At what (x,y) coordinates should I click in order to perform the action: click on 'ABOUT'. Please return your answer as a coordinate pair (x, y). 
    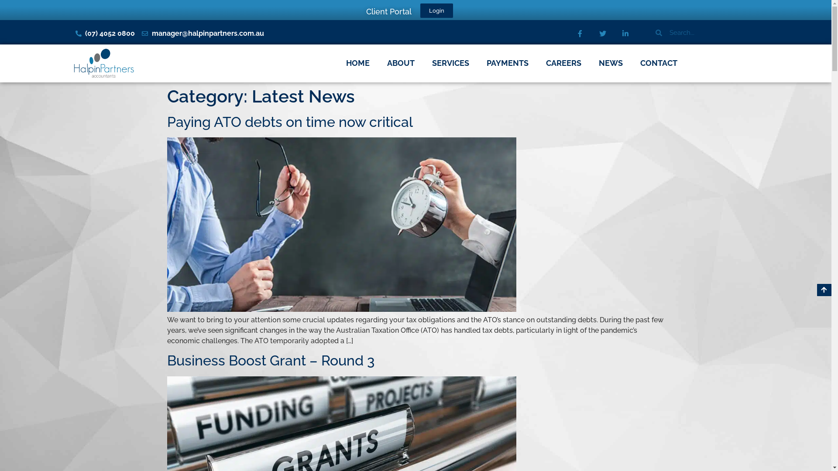
    Looking at the image, I should click on (400, 63).